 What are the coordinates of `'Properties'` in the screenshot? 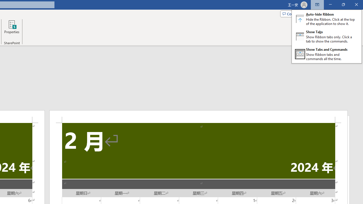 It's located at (12, 29).